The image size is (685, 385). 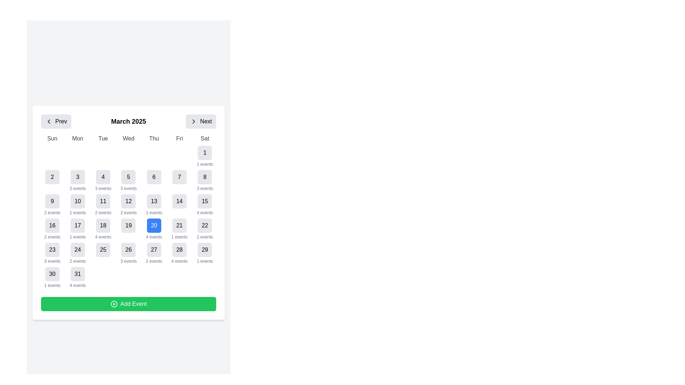 I want to click on the fifth text label in the calendar header, which indicates 'Thu', located between 'Wed' and 'Fri', so click(x=153, y=139).